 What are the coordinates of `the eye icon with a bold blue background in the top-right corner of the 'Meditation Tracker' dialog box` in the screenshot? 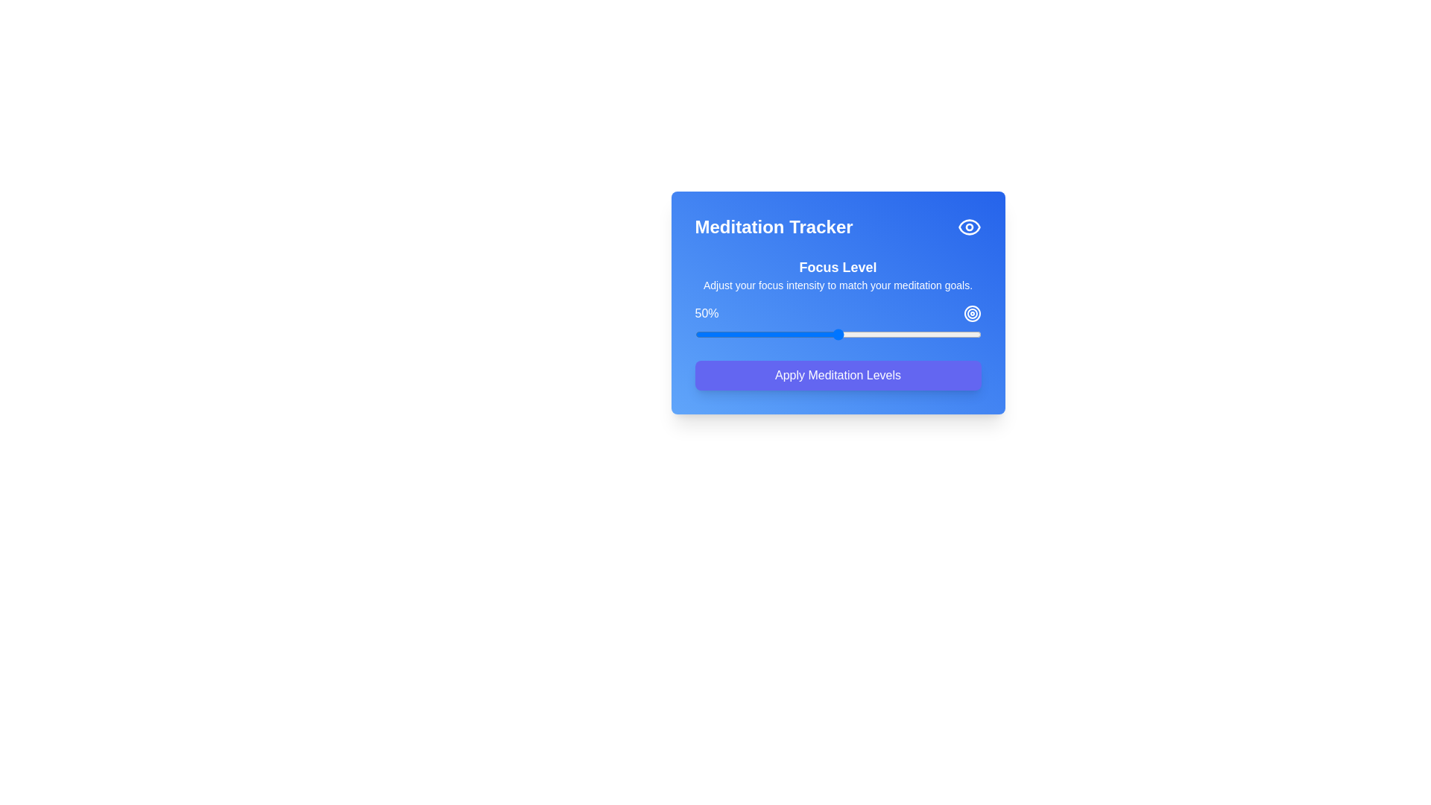 It's located at (969, 227).